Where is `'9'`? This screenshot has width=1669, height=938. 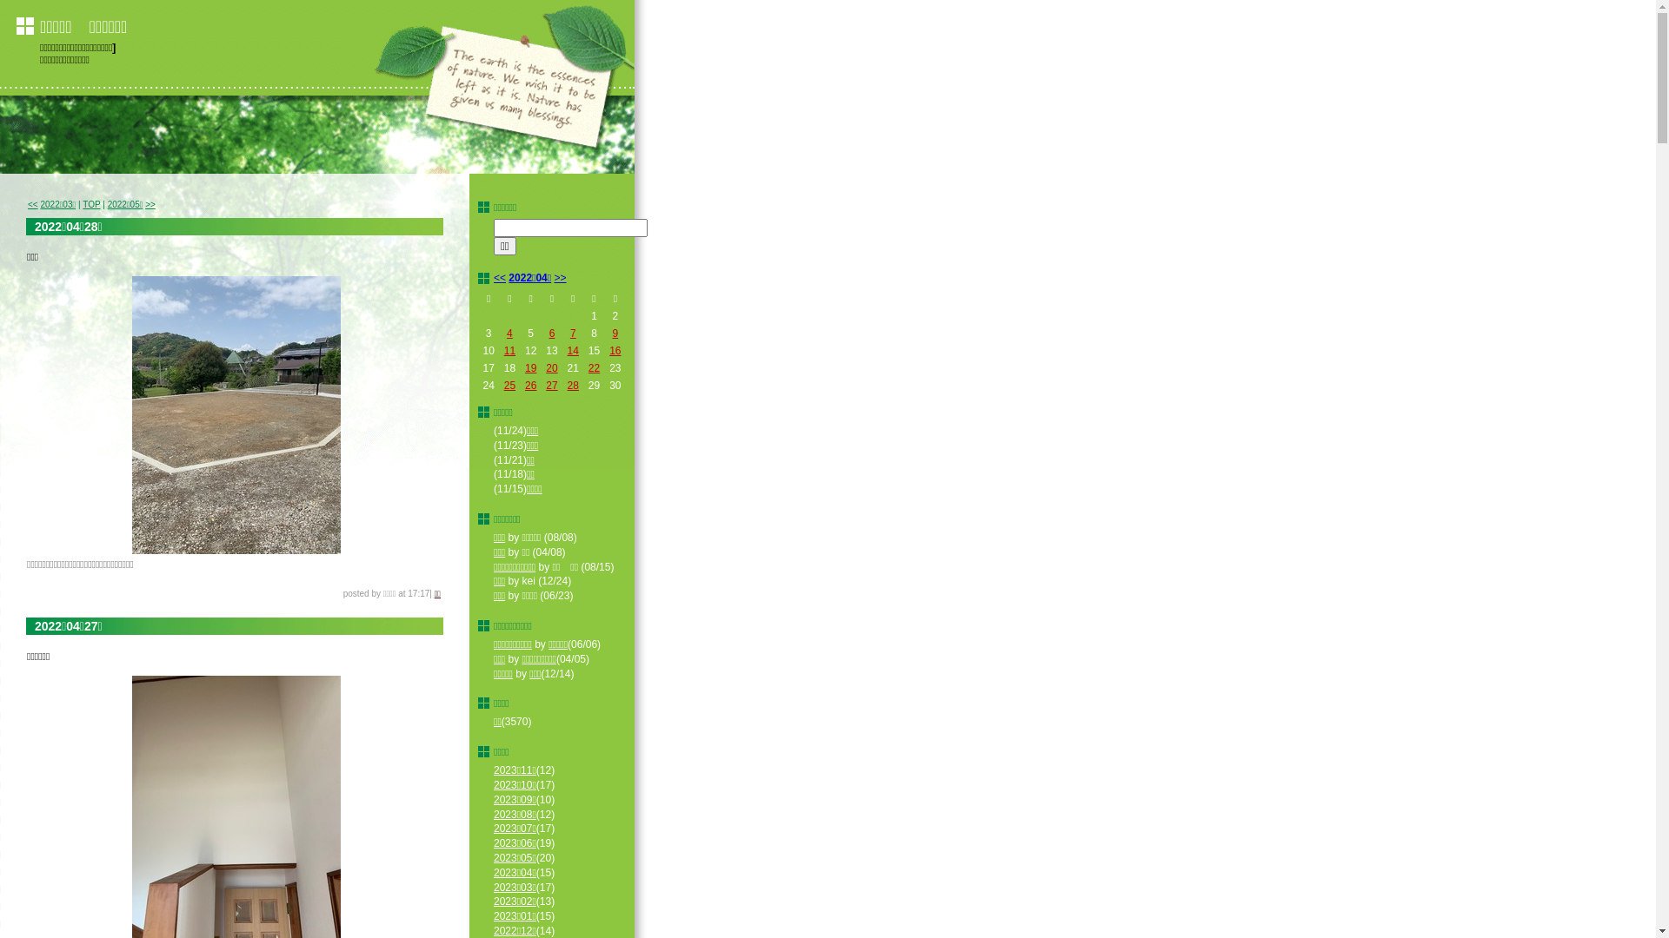
'9' is located at coordinates (615, 334).